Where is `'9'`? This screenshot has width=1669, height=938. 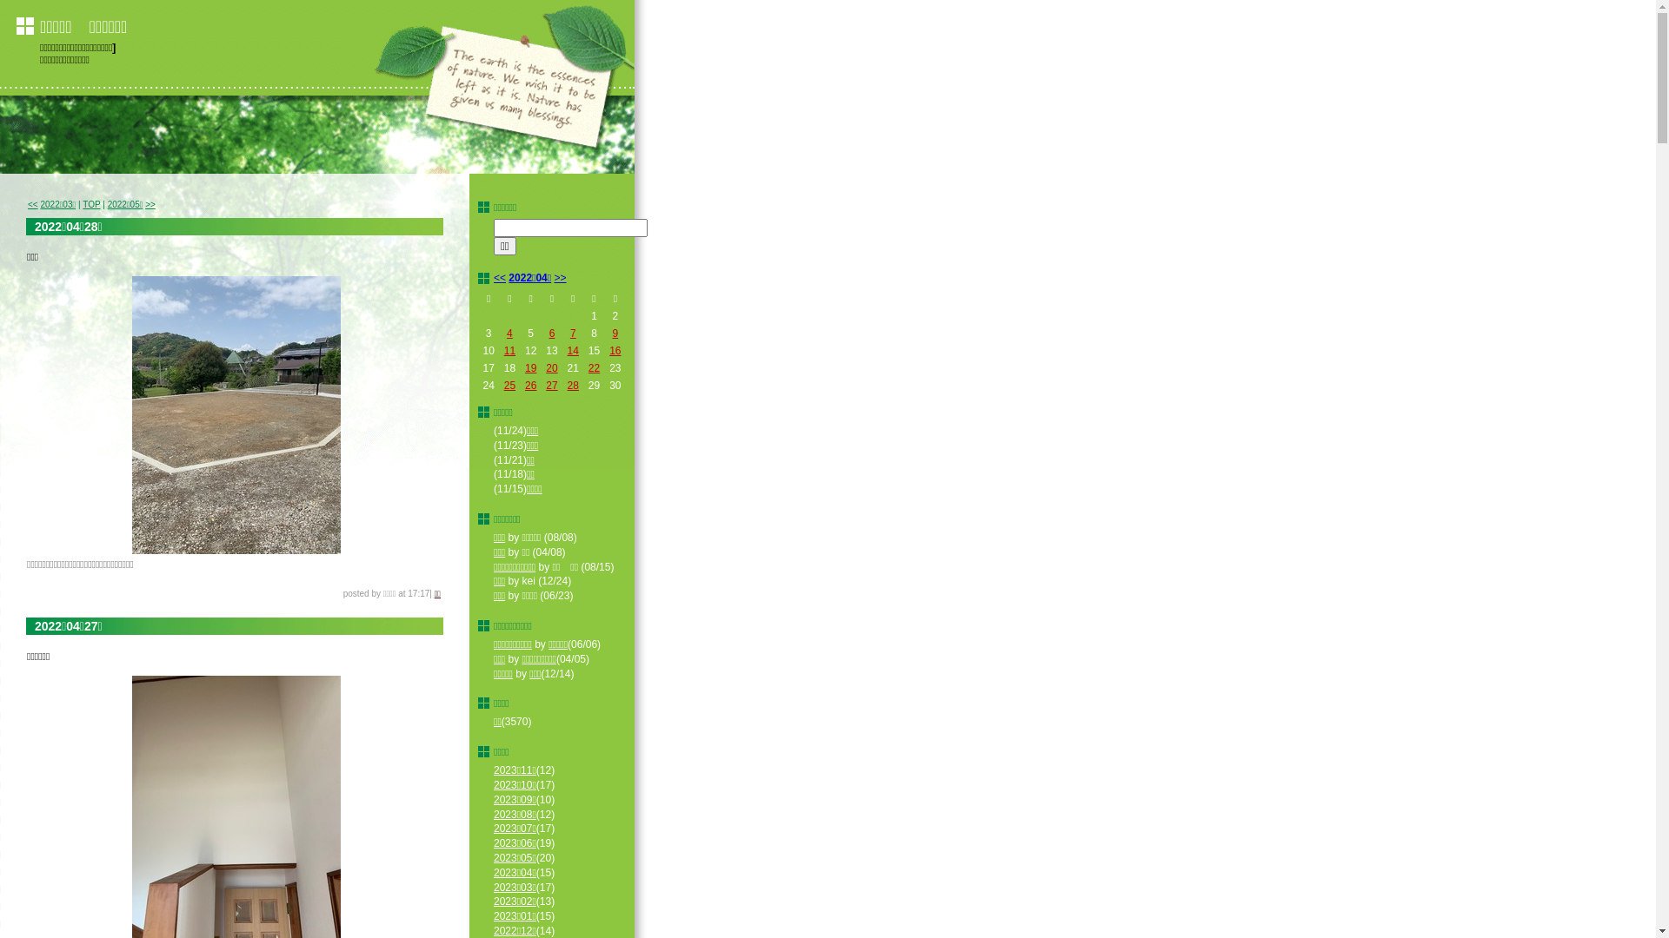
'9' is located at coordinates (615, 334).